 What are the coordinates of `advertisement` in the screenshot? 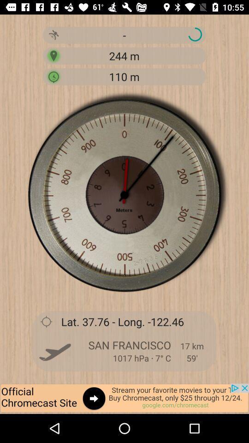 It's located at (125, 398).